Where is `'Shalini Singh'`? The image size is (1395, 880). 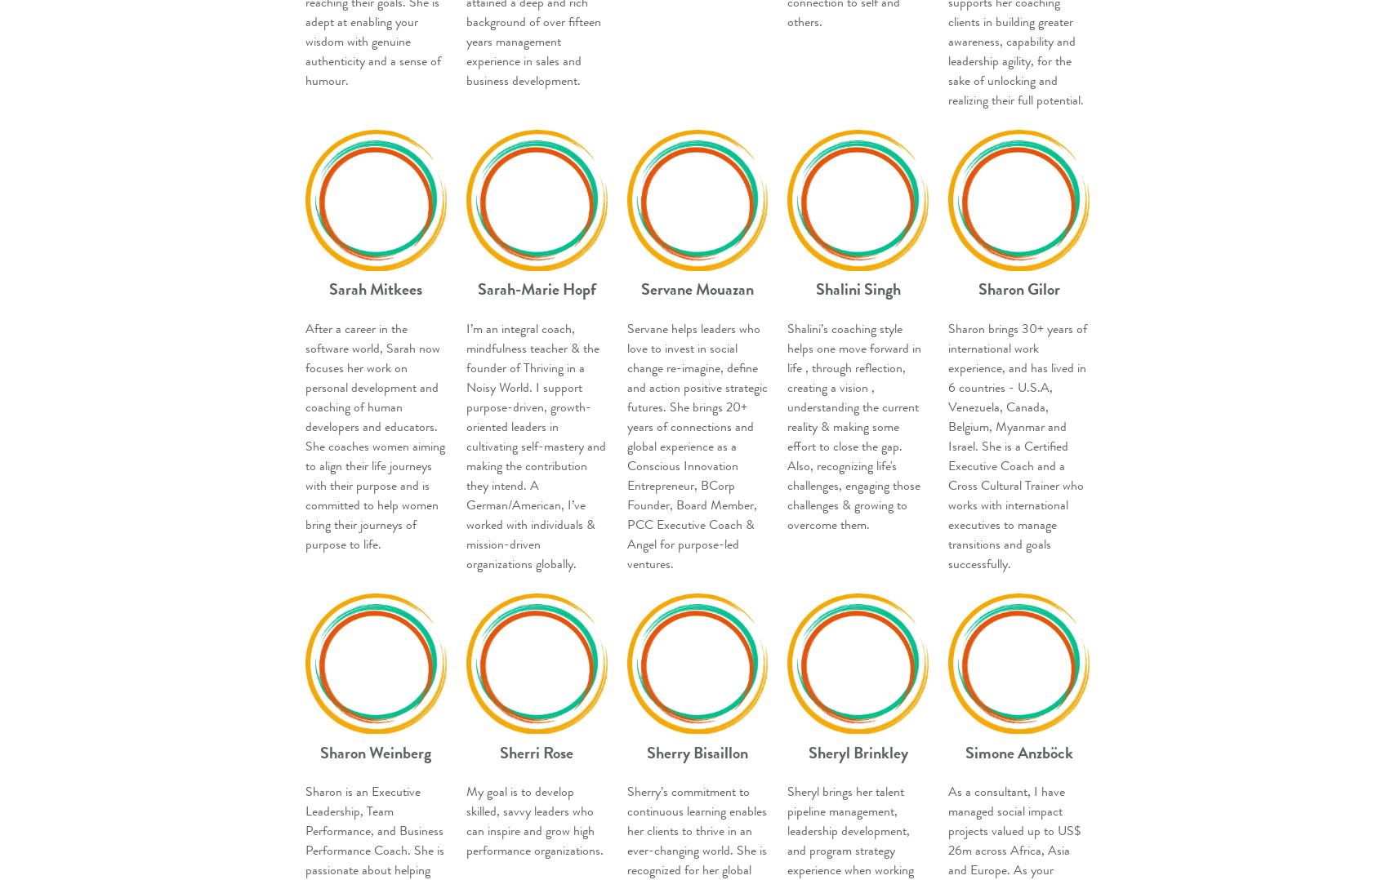
'Shalini Singh' is located at coordinates (858, 289).